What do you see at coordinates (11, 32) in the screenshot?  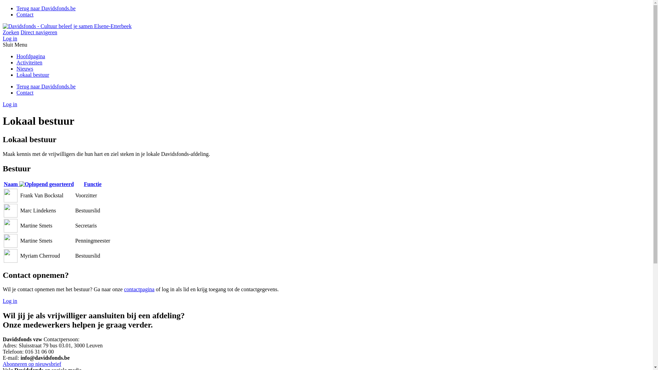 I see `'Zoeken'` at bounding box center [11, 32].